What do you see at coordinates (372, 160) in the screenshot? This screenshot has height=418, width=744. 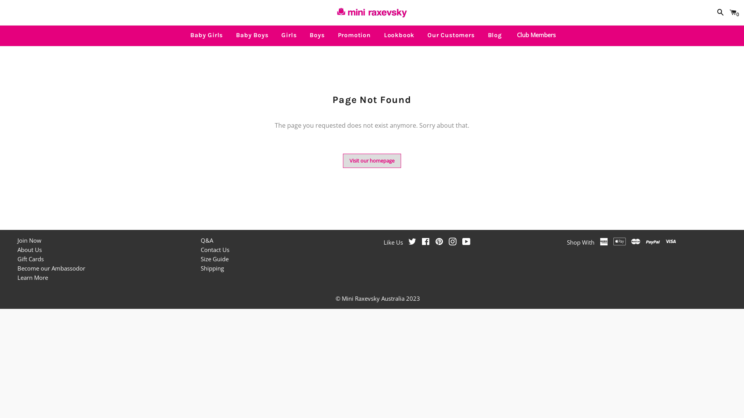 I see `'Visit our homepage'` at bounding box center [372, 160].